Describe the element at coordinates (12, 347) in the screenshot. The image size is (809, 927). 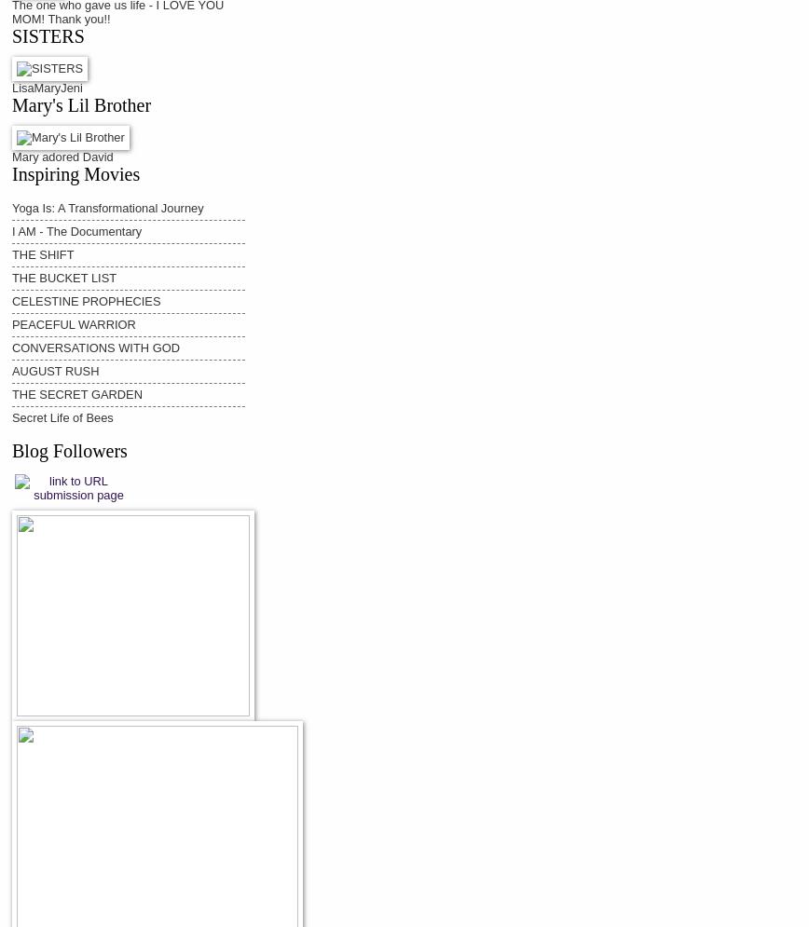
I see `'CONVERSATIONS WITH GOD'` at that location.